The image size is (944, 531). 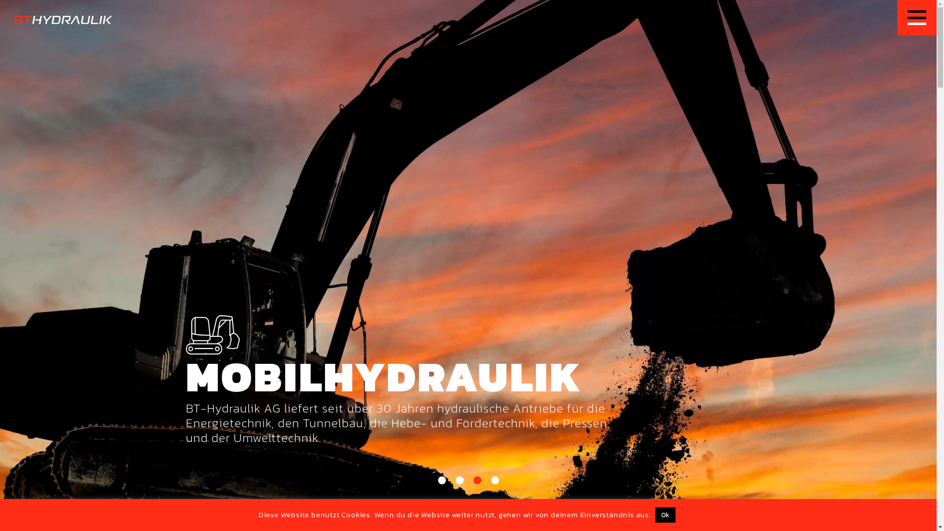 I want to click on 'Ok', so click(x=665, y=514).